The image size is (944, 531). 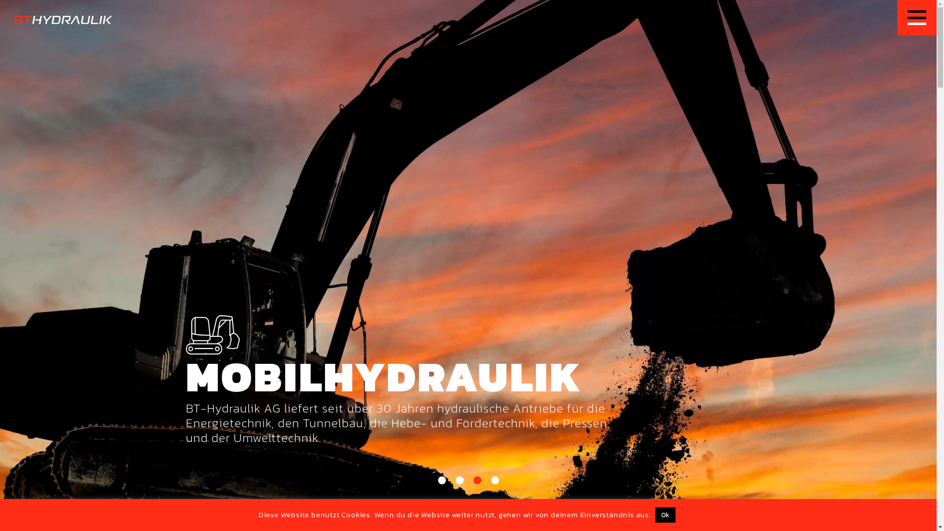 I want to click on 'Ok', so click(x=665, y=514).